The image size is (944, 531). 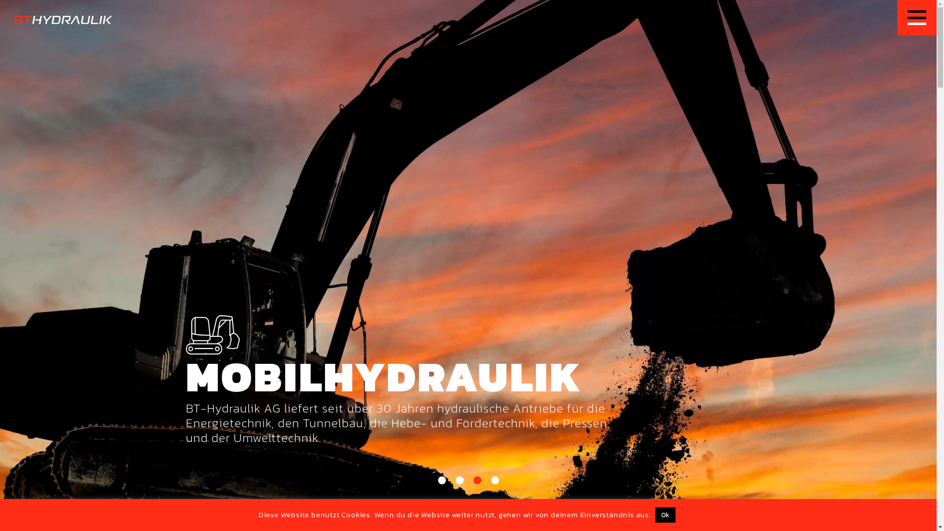 I want to click on 'Ok', so click(x=665, y=514).